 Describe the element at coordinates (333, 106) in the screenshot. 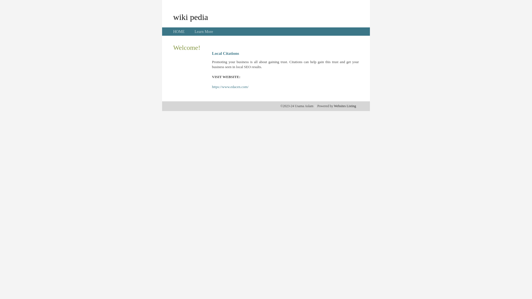

I see `'Websites Listing'` at that location.